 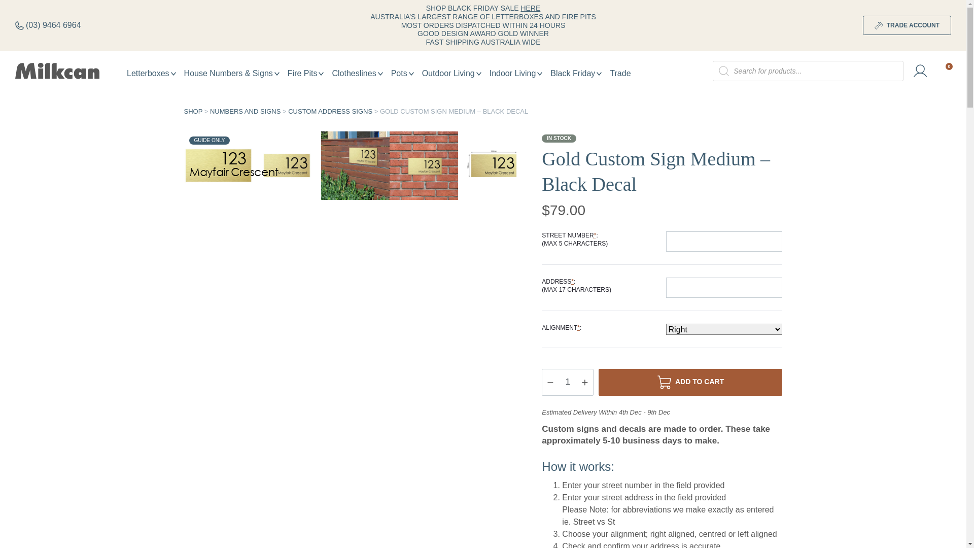 I want to click on 'Pots', so click(x=387, y=73).